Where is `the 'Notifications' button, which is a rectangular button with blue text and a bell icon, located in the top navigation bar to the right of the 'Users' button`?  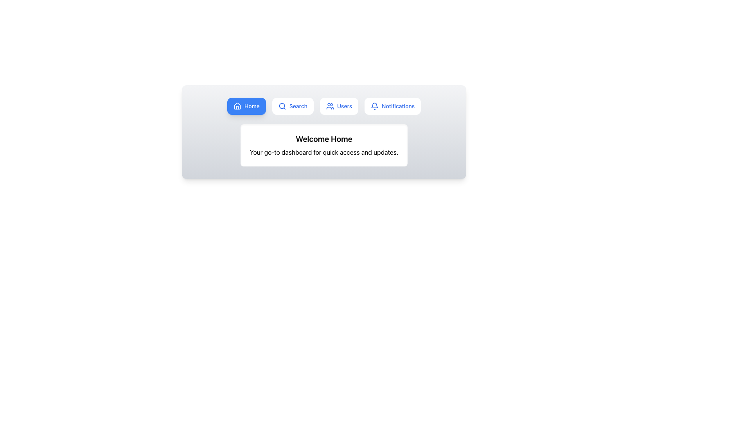
the 'Notifications' button, which is a rectangular button with blue text and a bell icon, located in the top navigation bar to the right of the 'Users' button is located at coordinates (393, 106).